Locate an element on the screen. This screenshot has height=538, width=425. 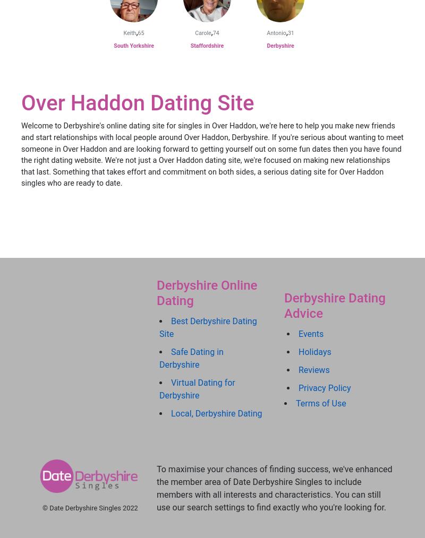
'Local, Derbyshire Dating' is located at coordinates (216, 413).